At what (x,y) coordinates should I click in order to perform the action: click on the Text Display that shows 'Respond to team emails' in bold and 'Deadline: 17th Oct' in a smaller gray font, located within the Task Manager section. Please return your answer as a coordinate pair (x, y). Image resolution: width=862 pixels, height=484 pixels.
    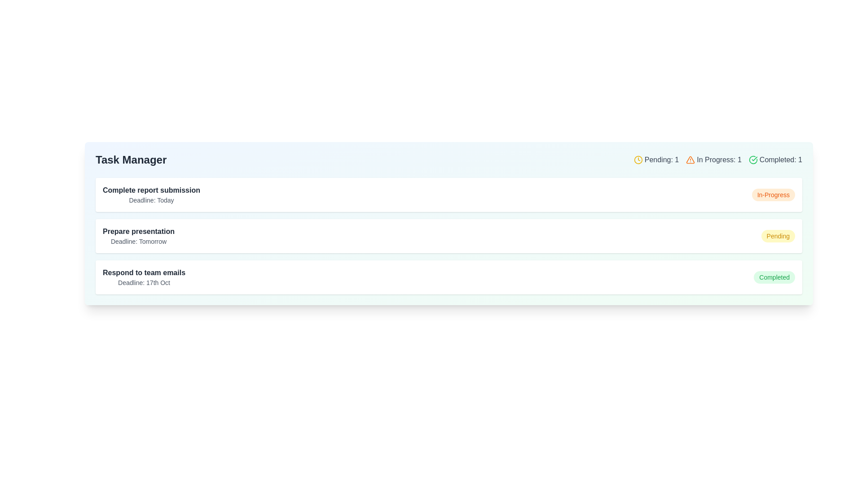
    Looking at the image, I should click on (144, 277).